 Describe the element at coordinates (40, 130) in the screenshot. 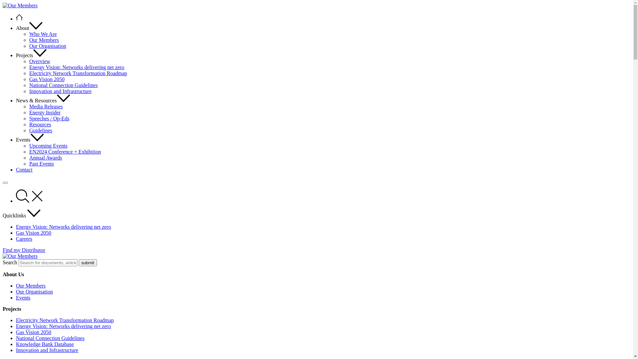

I see `'Guidelines'` at that location.